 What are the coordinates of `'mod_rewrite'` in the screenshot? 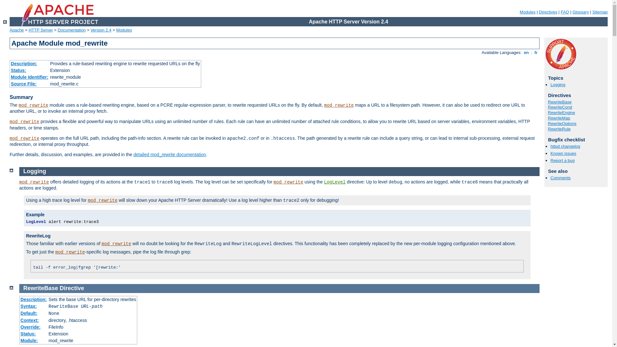 It's located at (24, 138).